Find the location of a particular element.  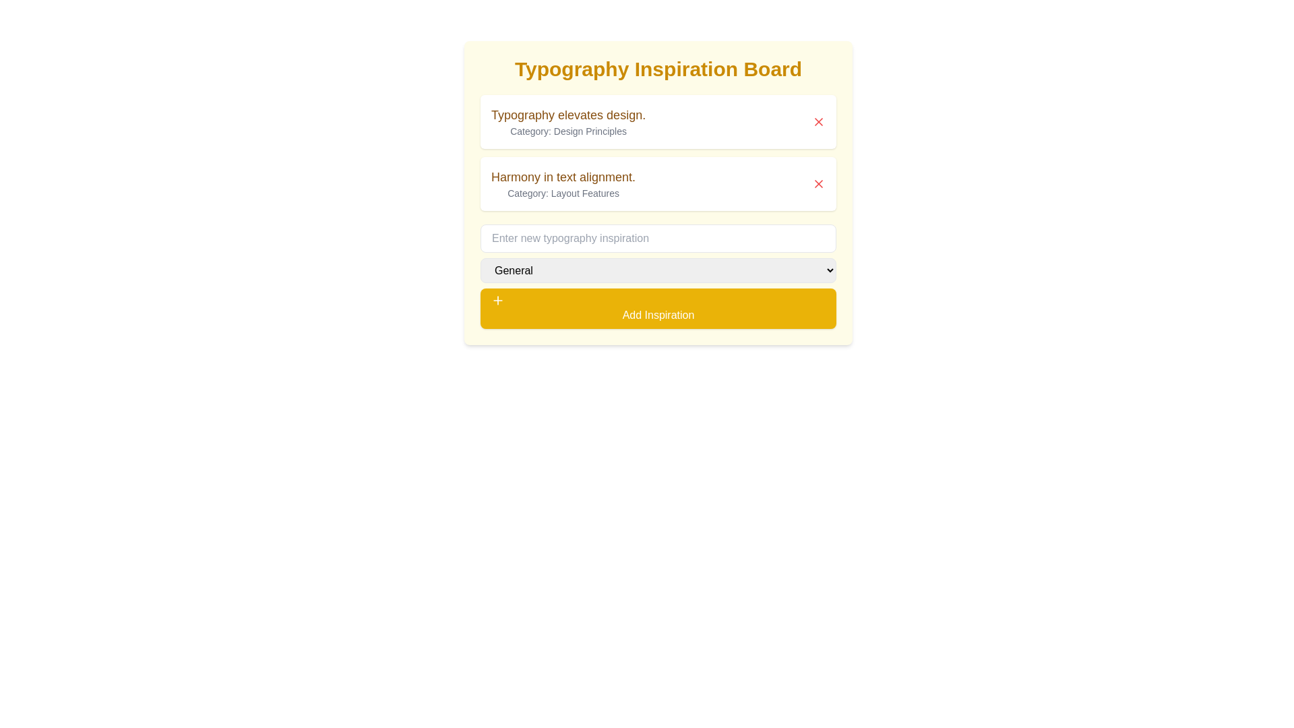

the delete or close button located at the top-right corner of the card detailing 'Typography elevates design.' is located at coordinates (818, 122).